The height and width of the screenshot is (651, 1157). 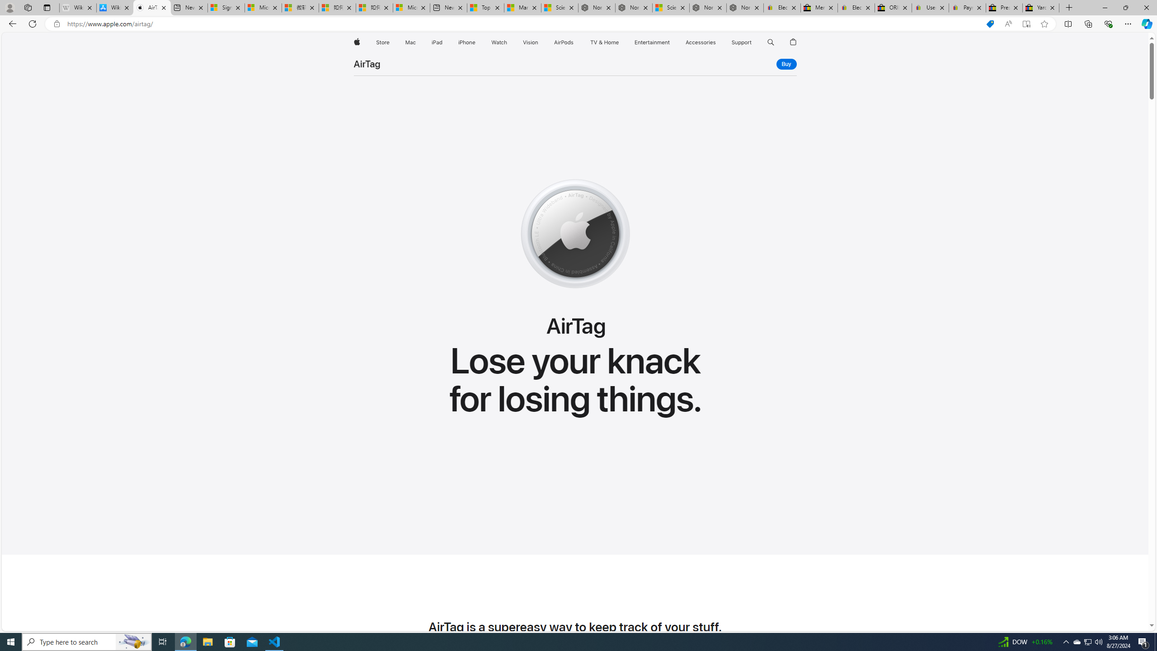 What do you see at coordinates (484, 7) in the screenshot?
I see `'Top Stories - MSN'` at bounding box center [484, 7].